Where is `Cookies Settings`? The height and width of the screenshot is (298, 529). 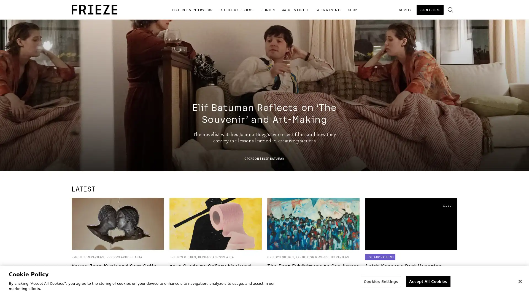 Cookies Settings is located at coordinates (380, 281).